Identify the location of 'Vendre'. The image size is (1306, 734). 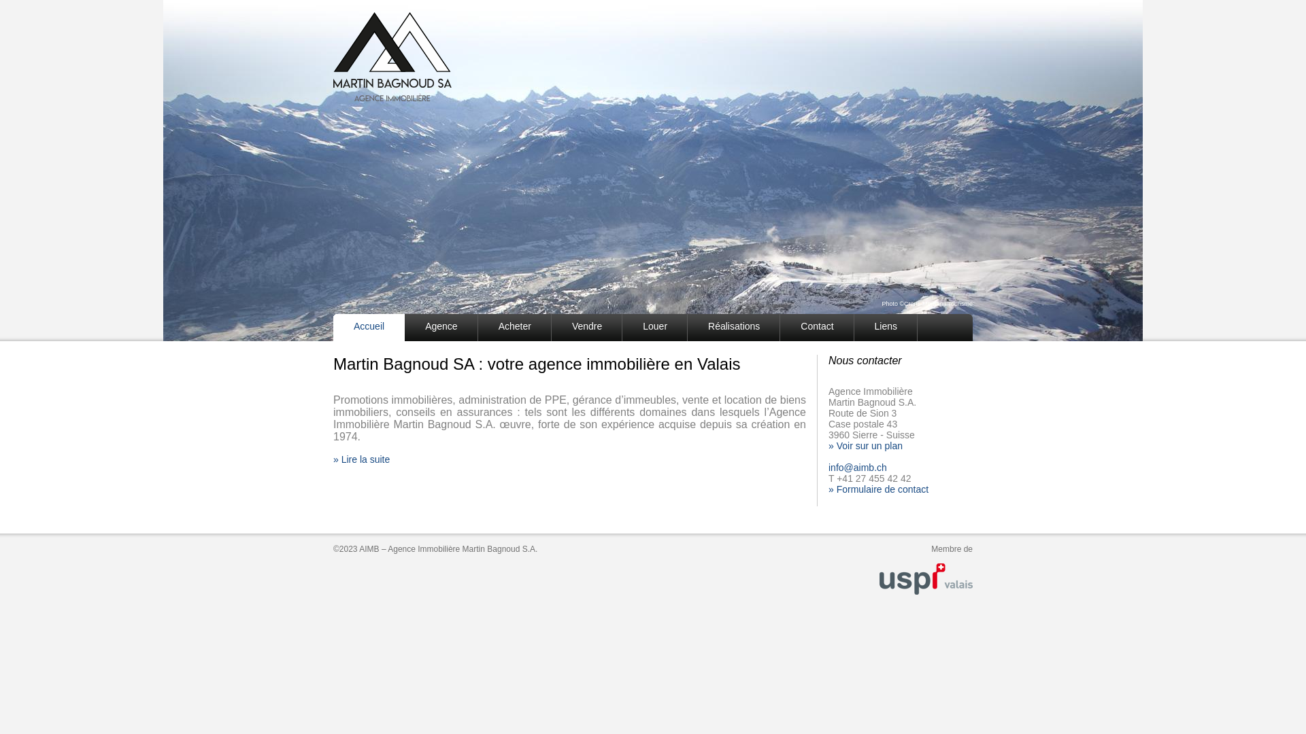
(587, 328).